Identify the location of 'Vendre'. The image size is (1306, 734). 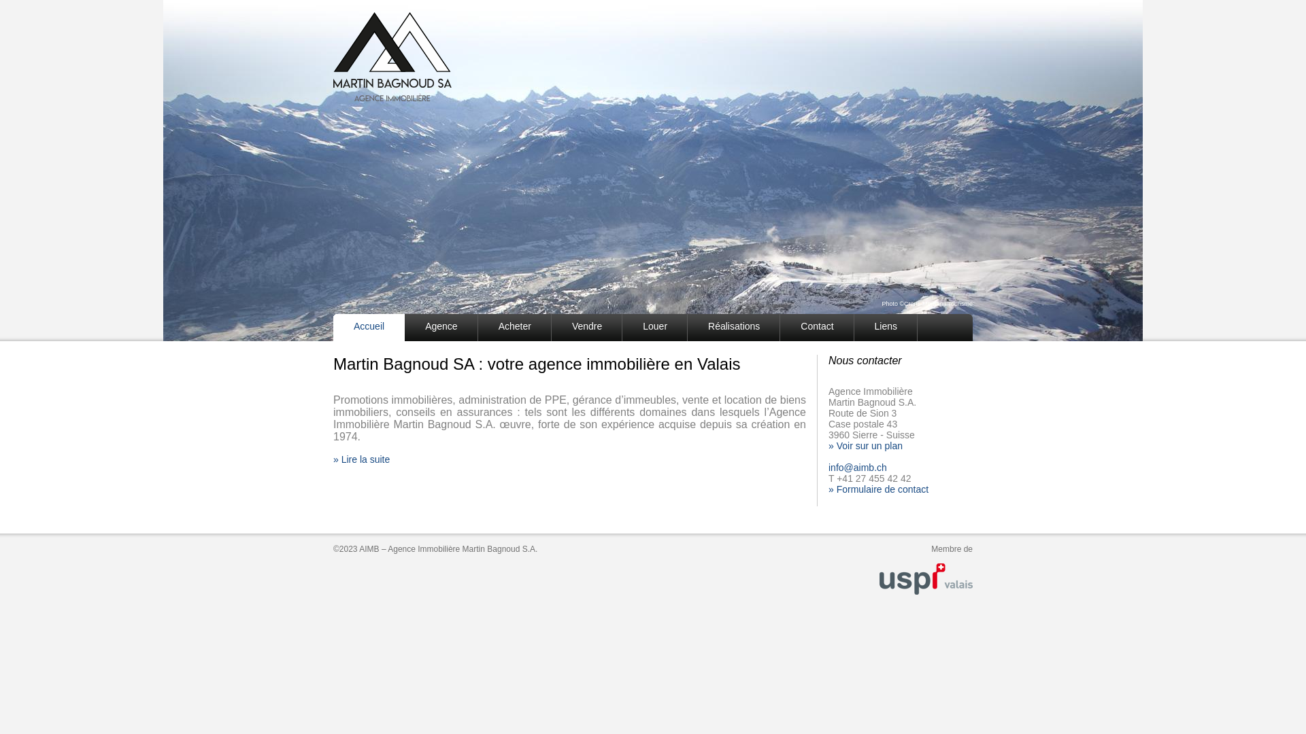
(587, 328).